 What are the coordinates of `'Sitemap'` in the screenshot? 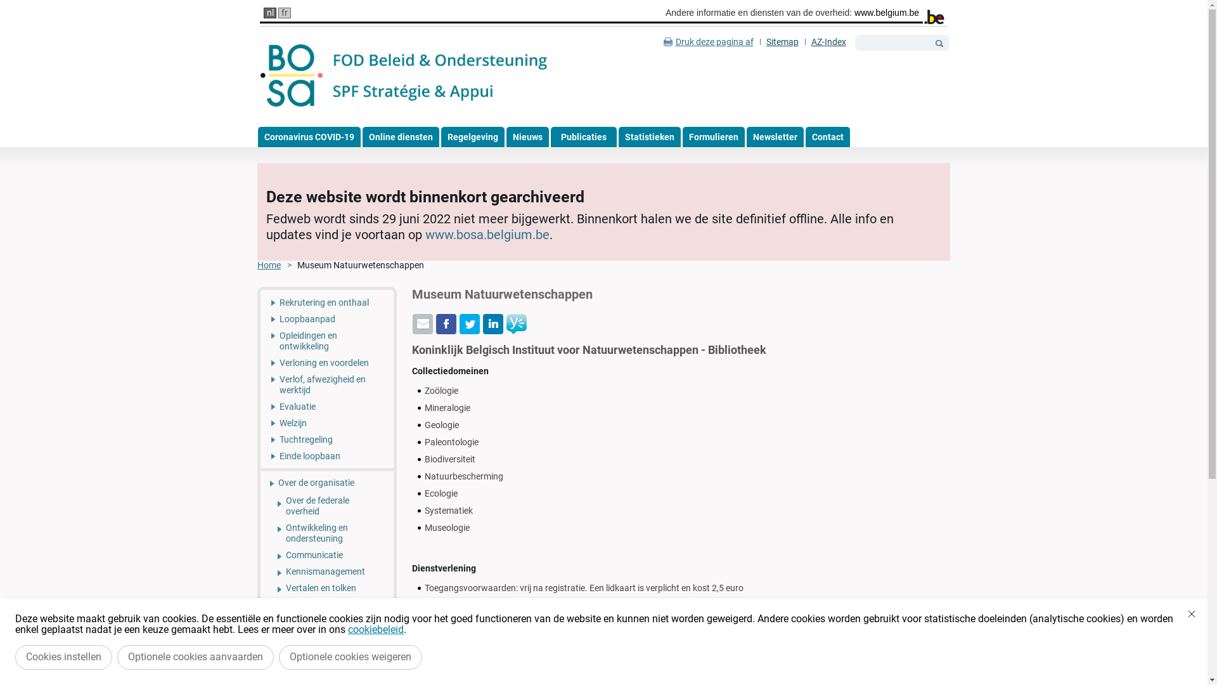 It's located at (759, 41).